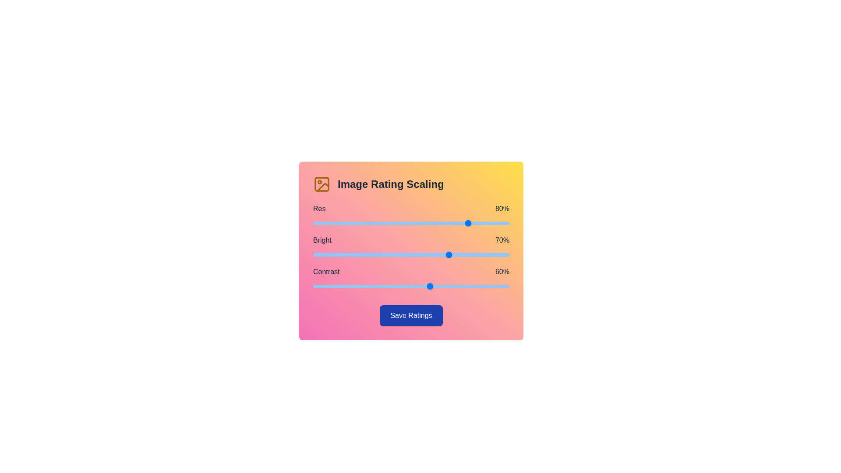 This screenshot has height=473, width=841. I want to click on the track of the contrast range slider, currently set at 60%, to adjust its setting, so click(411, 286).